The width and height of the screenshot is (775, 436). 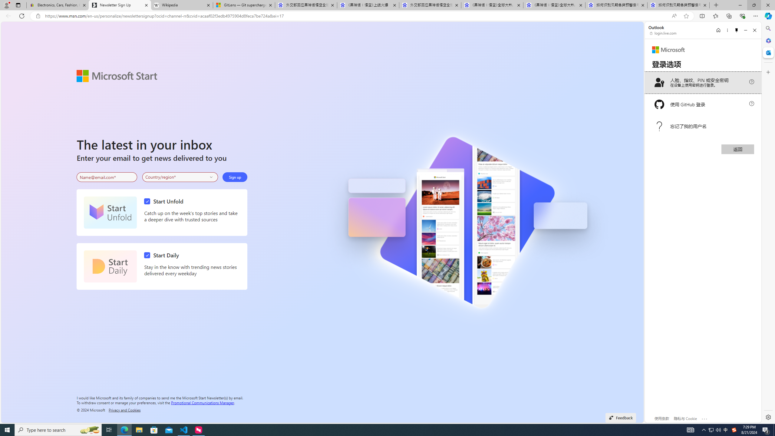 I want to click on 'Start Unfold', so click(x=110, y=212).